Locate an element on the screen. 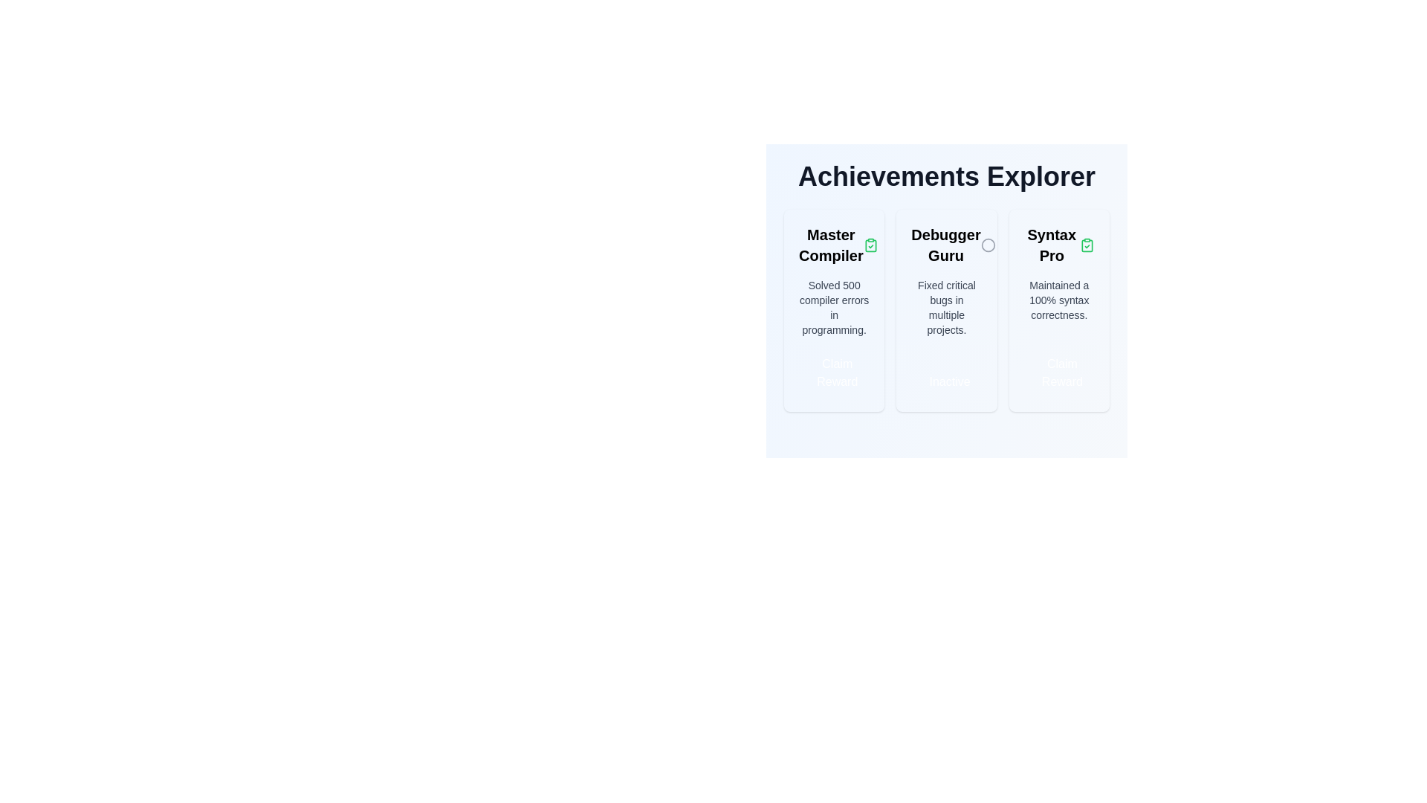 Image resolution: width=1427 pixels, height=803 pixels. the static text element providing achievement details about maintaining perfect syntax correctness, located within the 'Syntax Pro' card, below the card title and above the claim reward button is located at coordinates (1058, 300).